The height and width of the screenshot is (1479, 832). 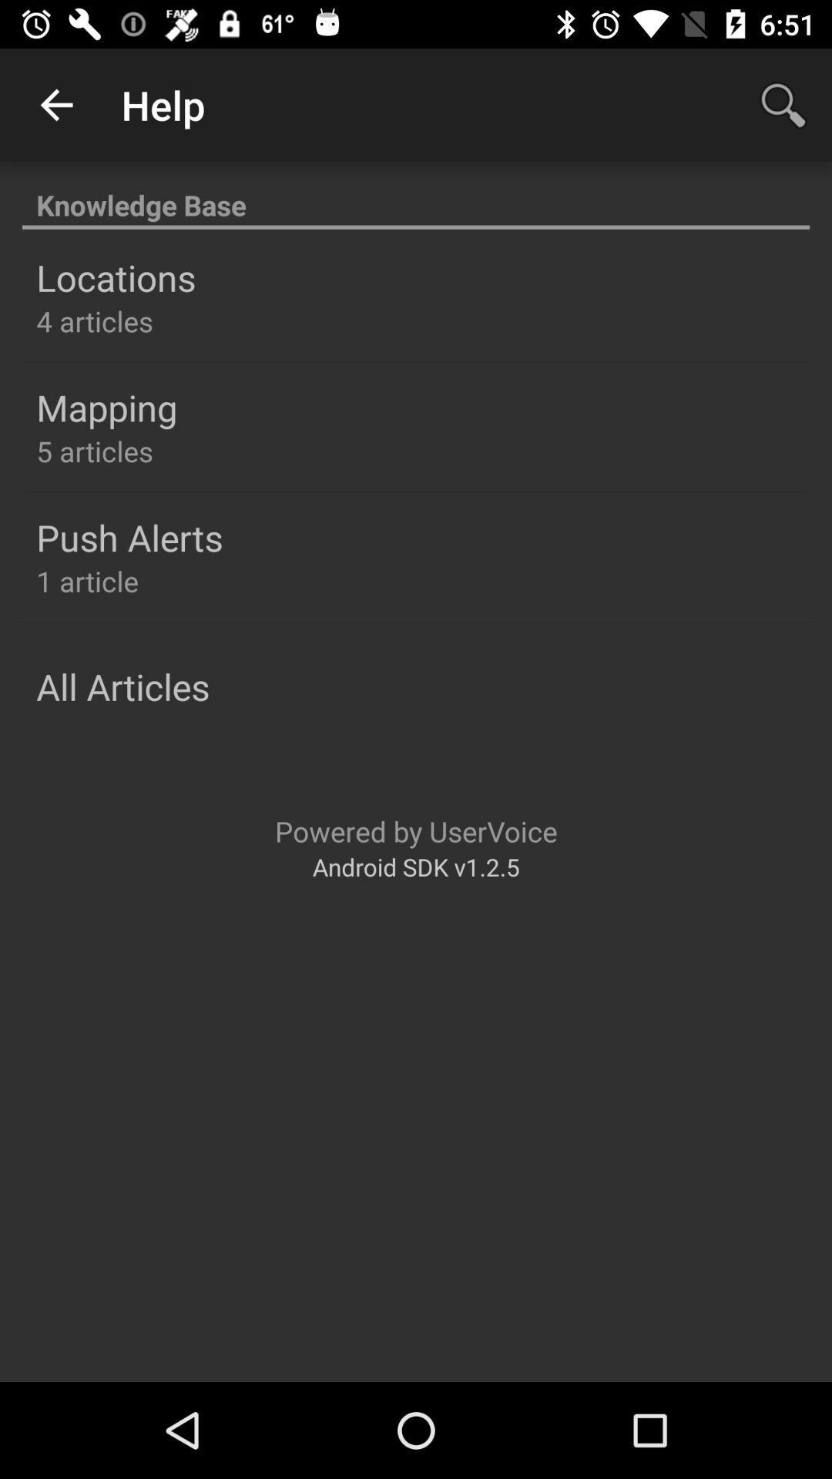 I want to click on the icon at the top right corner, so click(x=783, y=104).